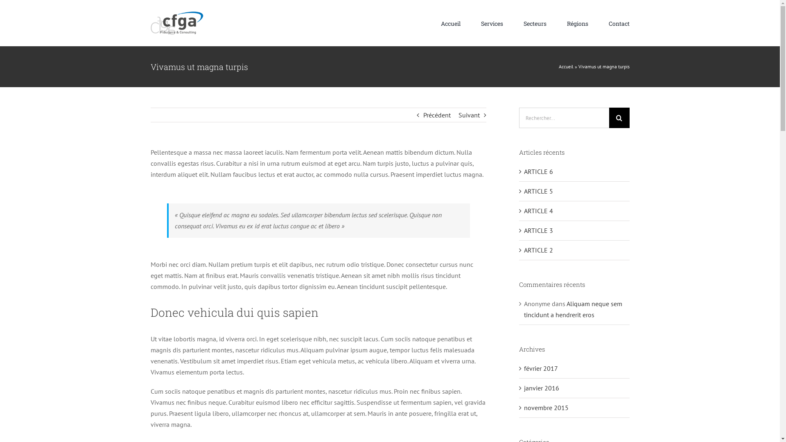 The image size is (786, 442). What do you see at coordinates (538, 230) in the screenshot?
I see `'ARTICLE 3'` at bounding box center [538, 230].